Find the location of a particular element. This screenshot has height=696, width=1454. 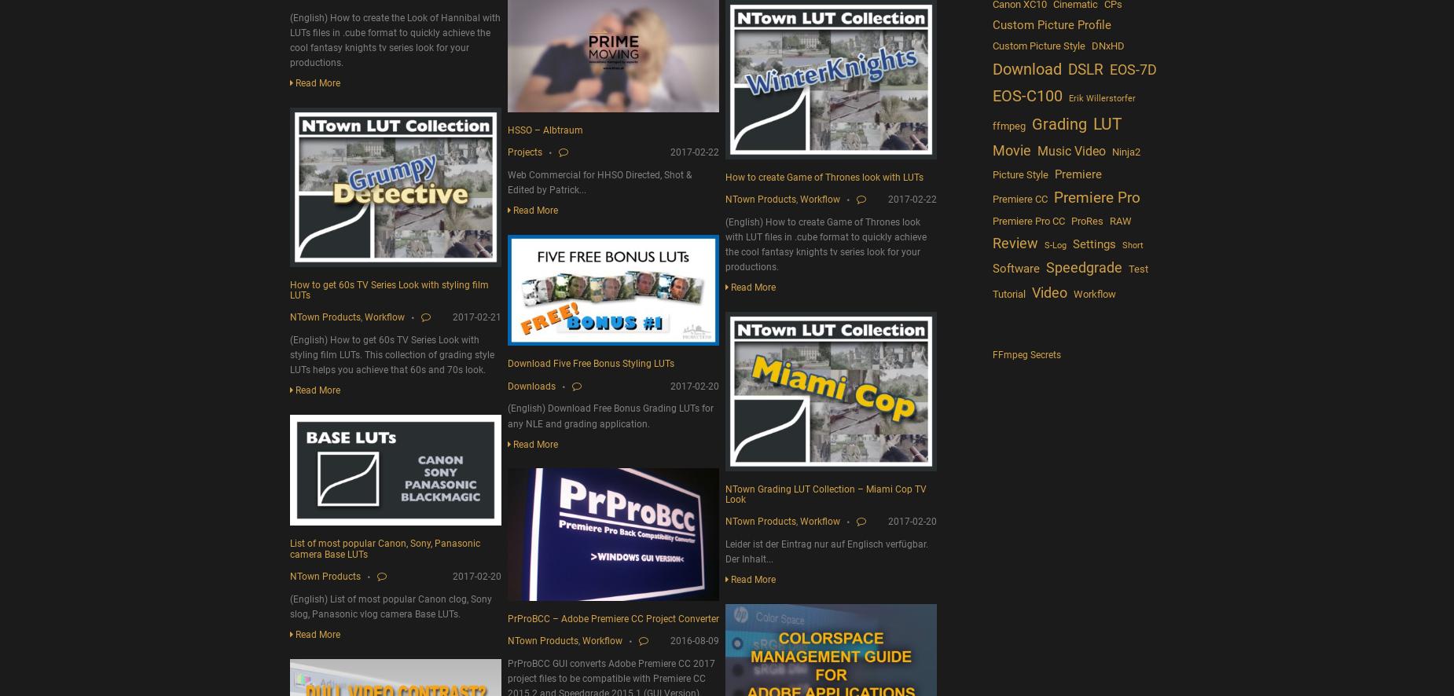

'FFmpeg Secrets' is located at coordinates (1025, 355).